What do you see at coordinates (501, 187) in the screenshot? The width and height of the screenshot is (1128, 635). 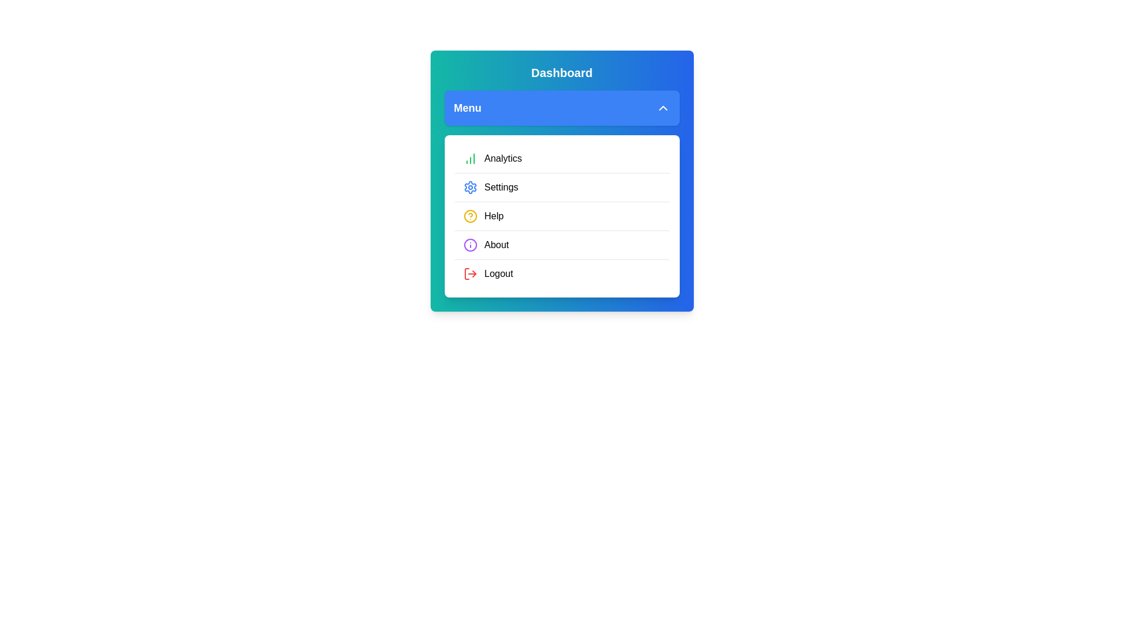 I see `the second item in the dropdown menu, which is a Text label for navigating to the settings page, positioned below the 'Analytics' option and above the 'Help' option` at bounding box center [501, 187].